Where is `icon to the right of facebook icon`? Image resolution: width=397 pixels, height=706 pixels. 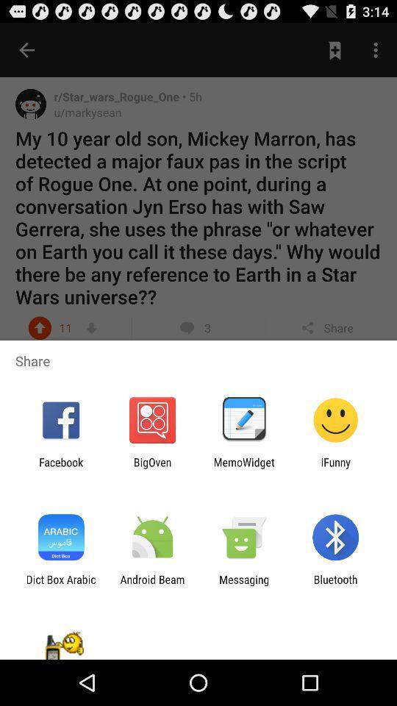 icon to the right of facebook icon is located at coordinates (151, 468).